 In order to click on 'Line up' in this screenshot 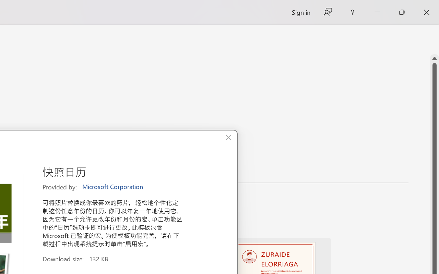, I will do `click(434, 58)`.